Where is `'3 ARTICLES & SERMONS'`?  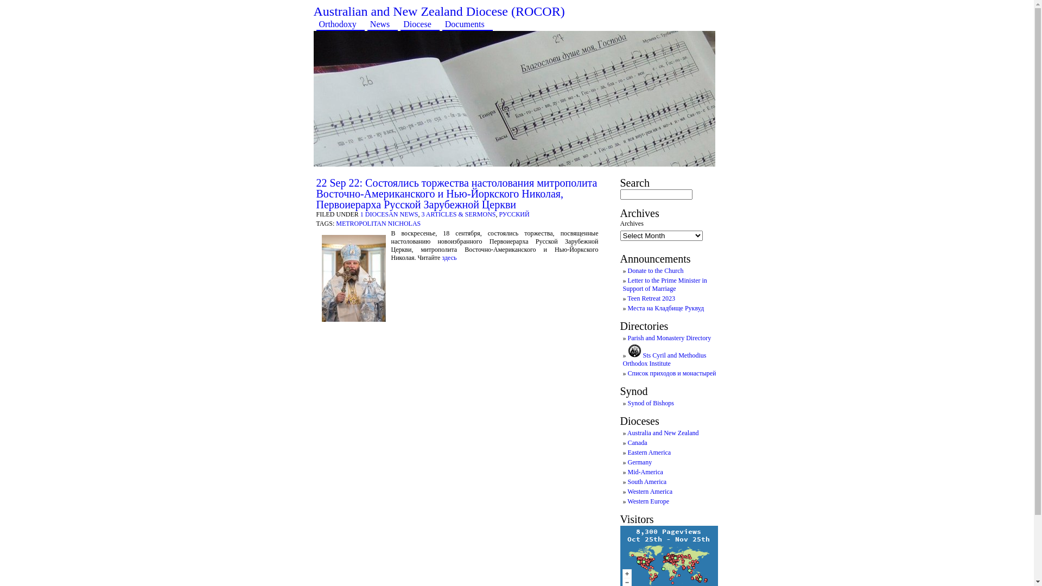
'3 ARTICLES & SERMONS' is located at coordinates (458, 214).